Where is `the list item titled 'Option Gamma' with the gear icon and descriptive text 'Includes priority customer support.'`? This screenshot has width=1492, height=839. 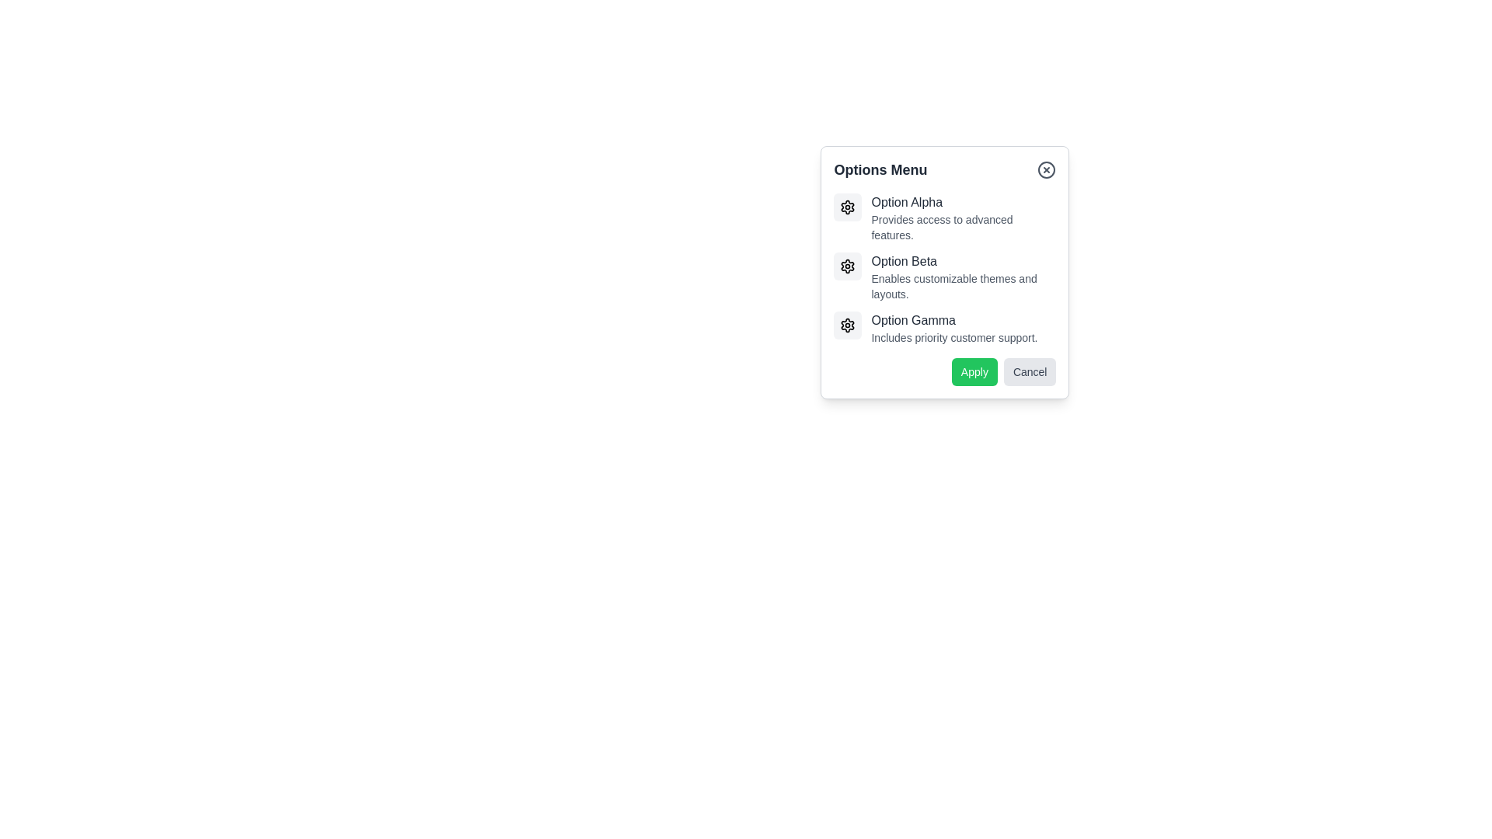 the list item titled 'Option Gamma' with the gear icon and descriptive text 'Includes priority customer support.' is located at coordinates (944, 328).